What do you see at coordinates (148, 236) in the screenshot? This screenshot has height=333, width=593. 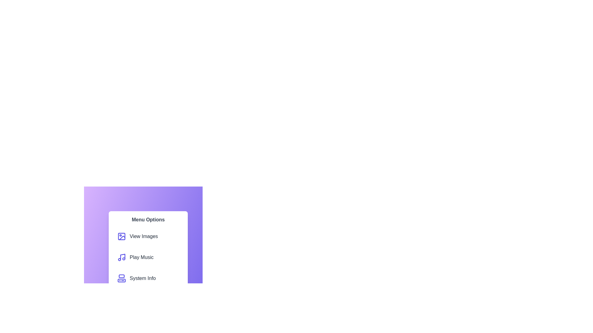 I see `the menu item labeled View Images` at bounding box center [148, 236].